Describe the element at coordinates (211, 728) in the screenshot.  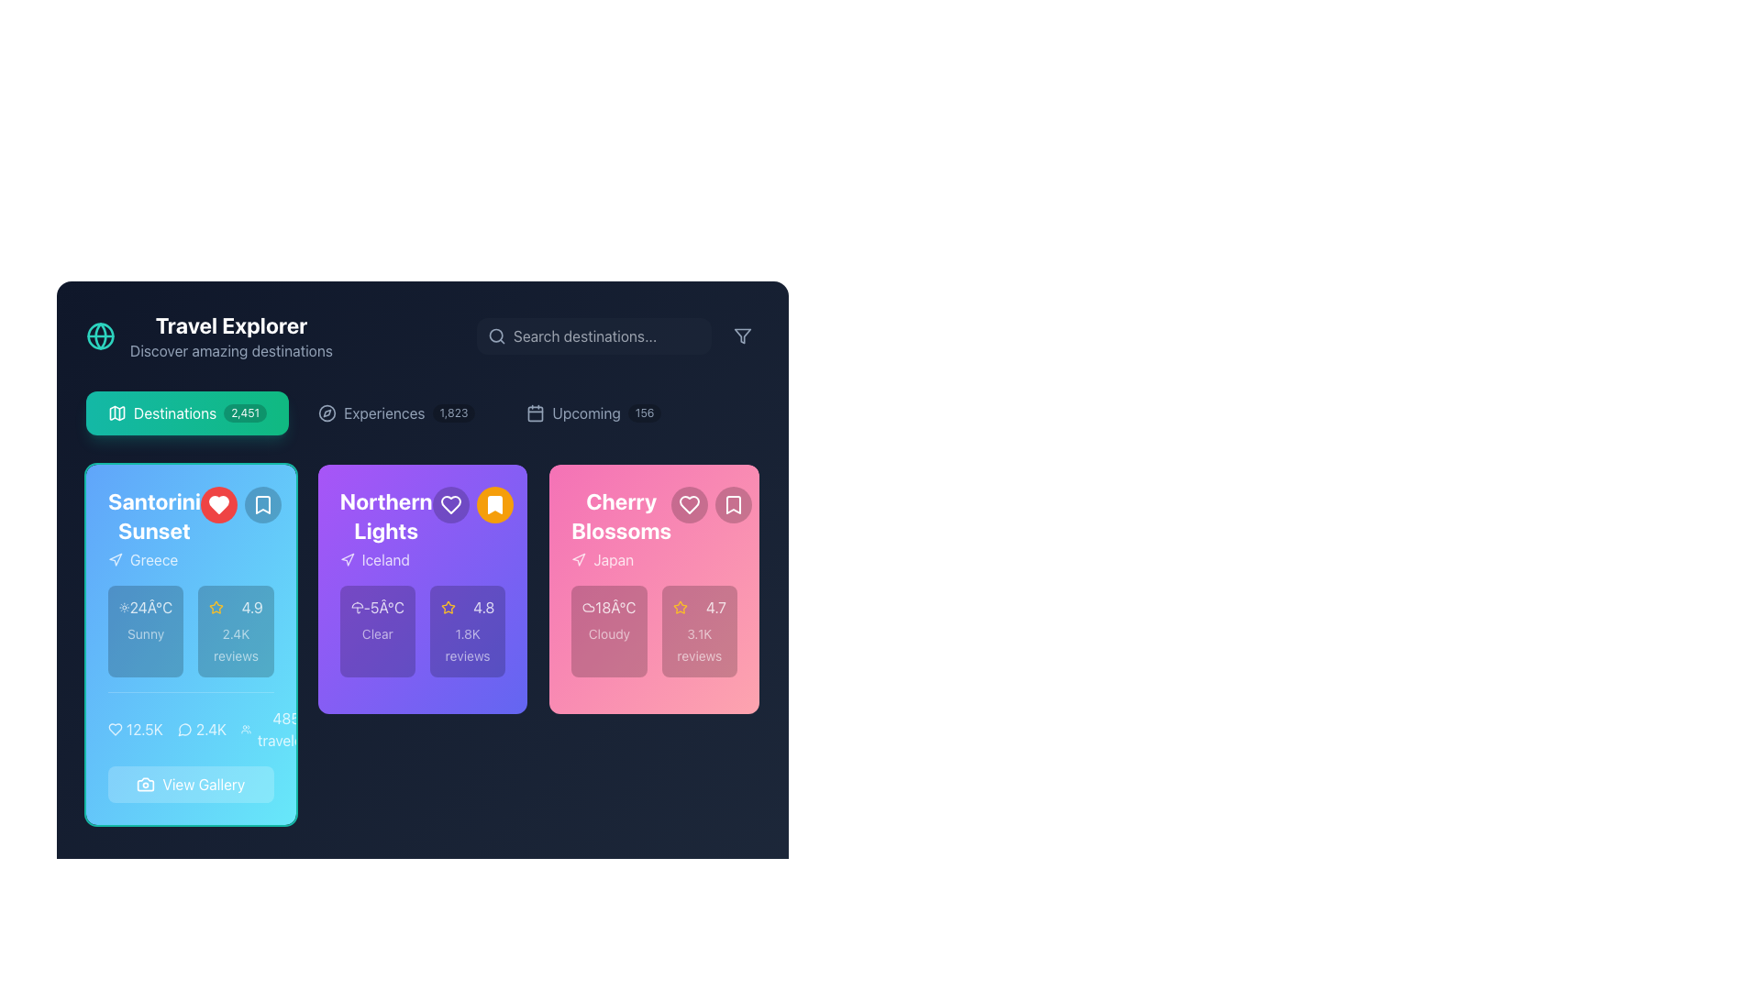
I see `the text label displaying the number of reviews for the 'Santorini Sunset' destination` at that location.